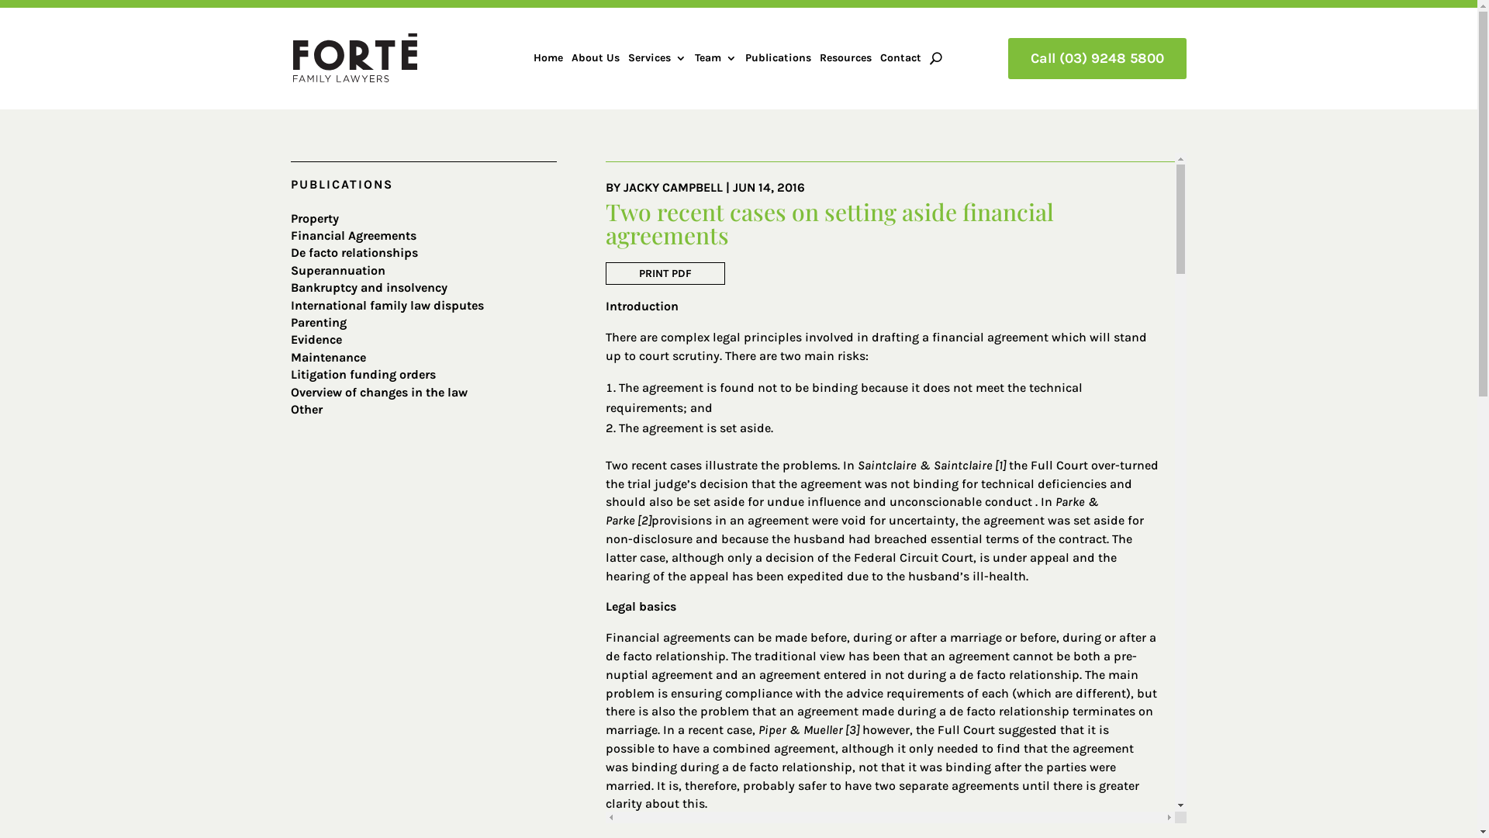 This screenshot has height=838, width=1489. I want to click on 'Services', so click(657, 60).